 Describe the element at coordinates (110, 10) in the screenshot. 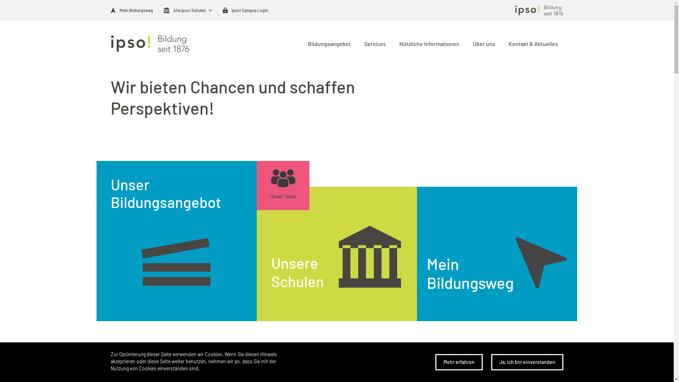

I see `'Mein Bildungsweg'` at that location.